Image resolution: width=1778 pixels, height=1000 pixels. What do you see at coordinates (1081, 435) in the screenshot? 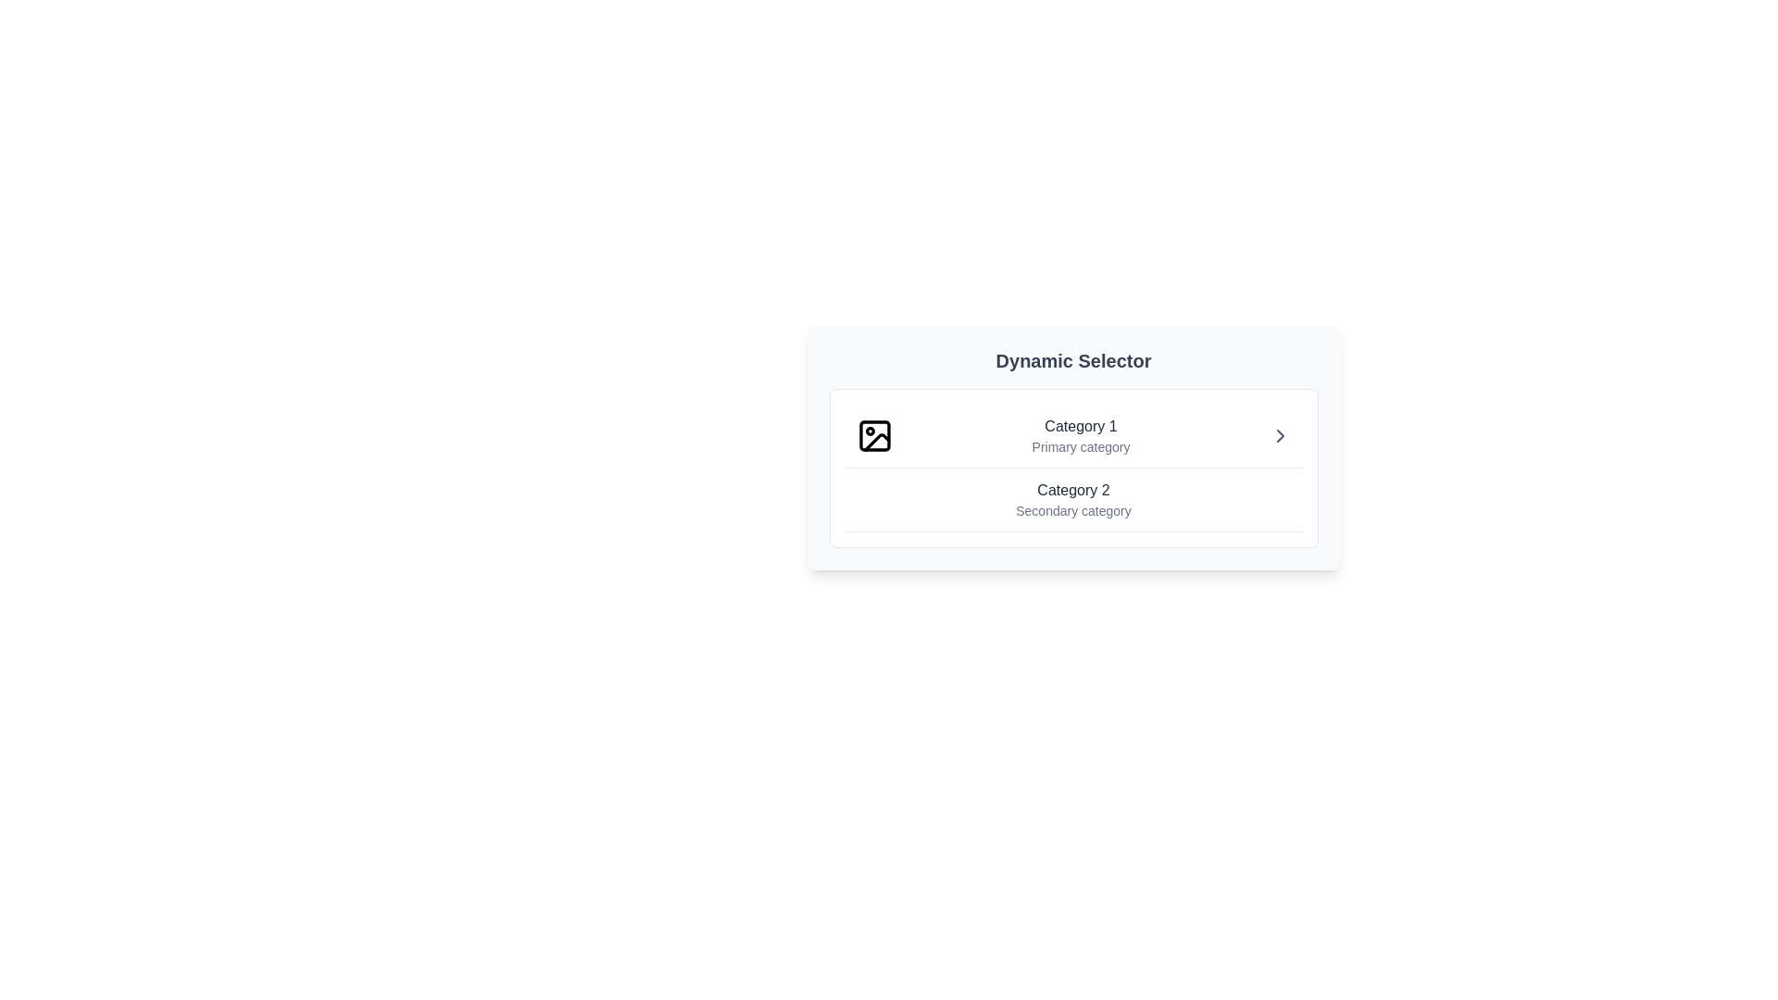
I see `the list item labeled 'Category 1' under the 'Dynamic Selector' section` at bounding box center [1081, 435].